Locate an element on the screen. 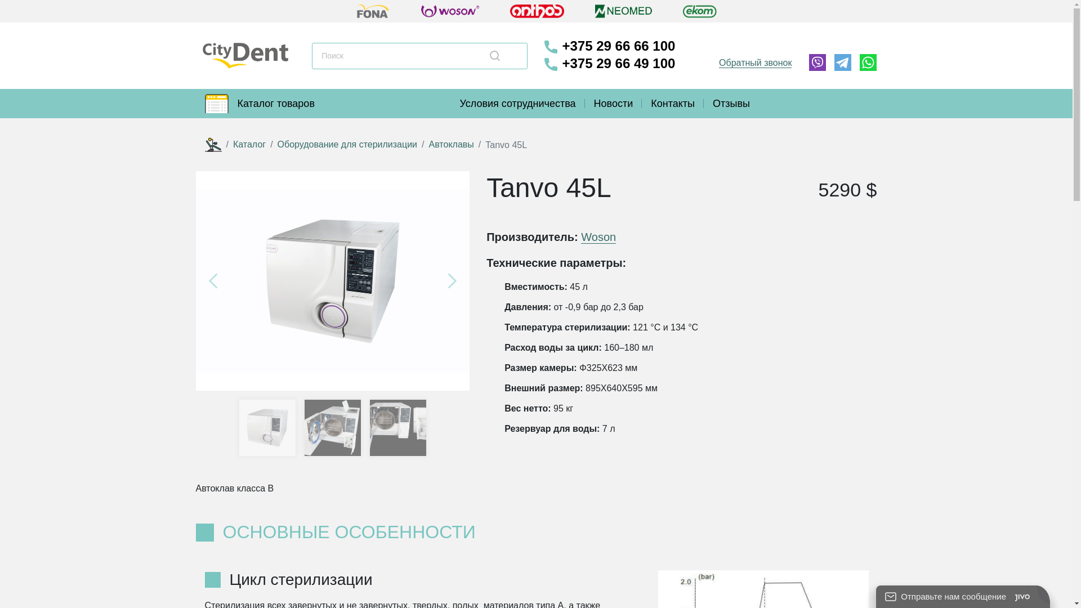 This screenshot has height=608, width=1081. 'Woson' is located at coordinates (597, 236).